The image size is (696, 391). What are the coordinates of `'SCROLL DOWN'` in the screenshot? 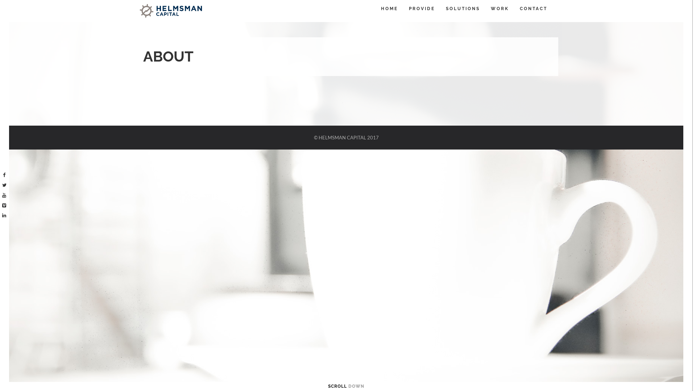 It's located at (328, 386).